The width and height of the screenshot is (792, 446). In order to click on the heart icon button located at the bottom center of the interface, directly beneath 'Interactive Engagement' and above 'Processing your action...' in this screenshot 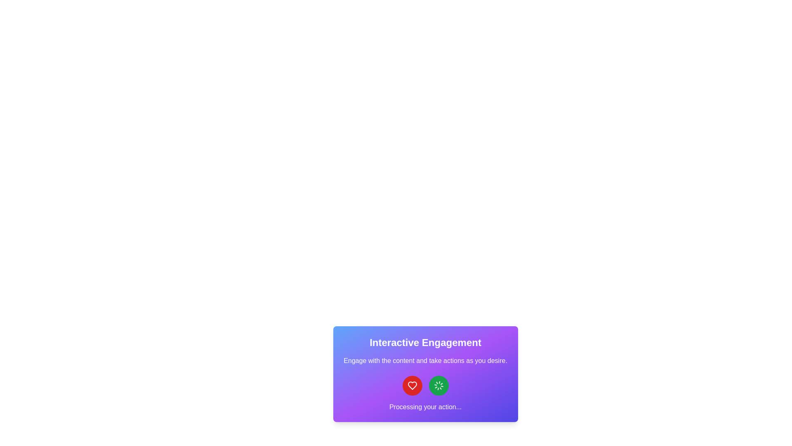, I will do `click(412, 385)`.